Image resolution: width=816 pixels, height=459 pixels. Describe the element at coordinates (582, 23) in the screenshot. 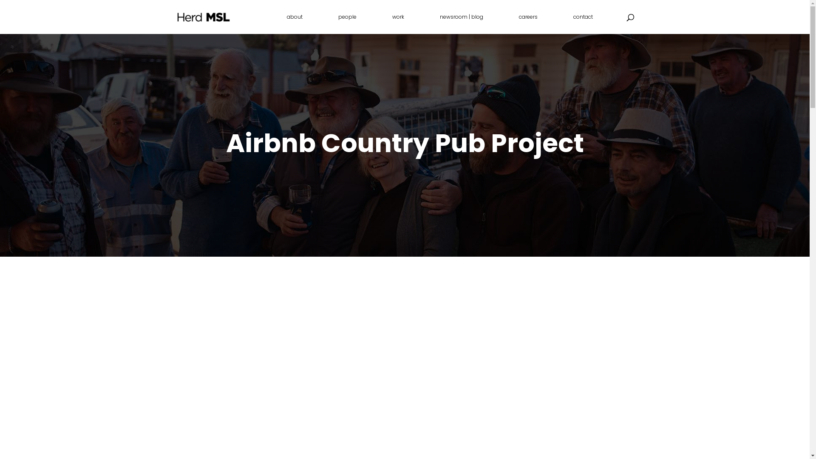

I see `'contact'` at that location.